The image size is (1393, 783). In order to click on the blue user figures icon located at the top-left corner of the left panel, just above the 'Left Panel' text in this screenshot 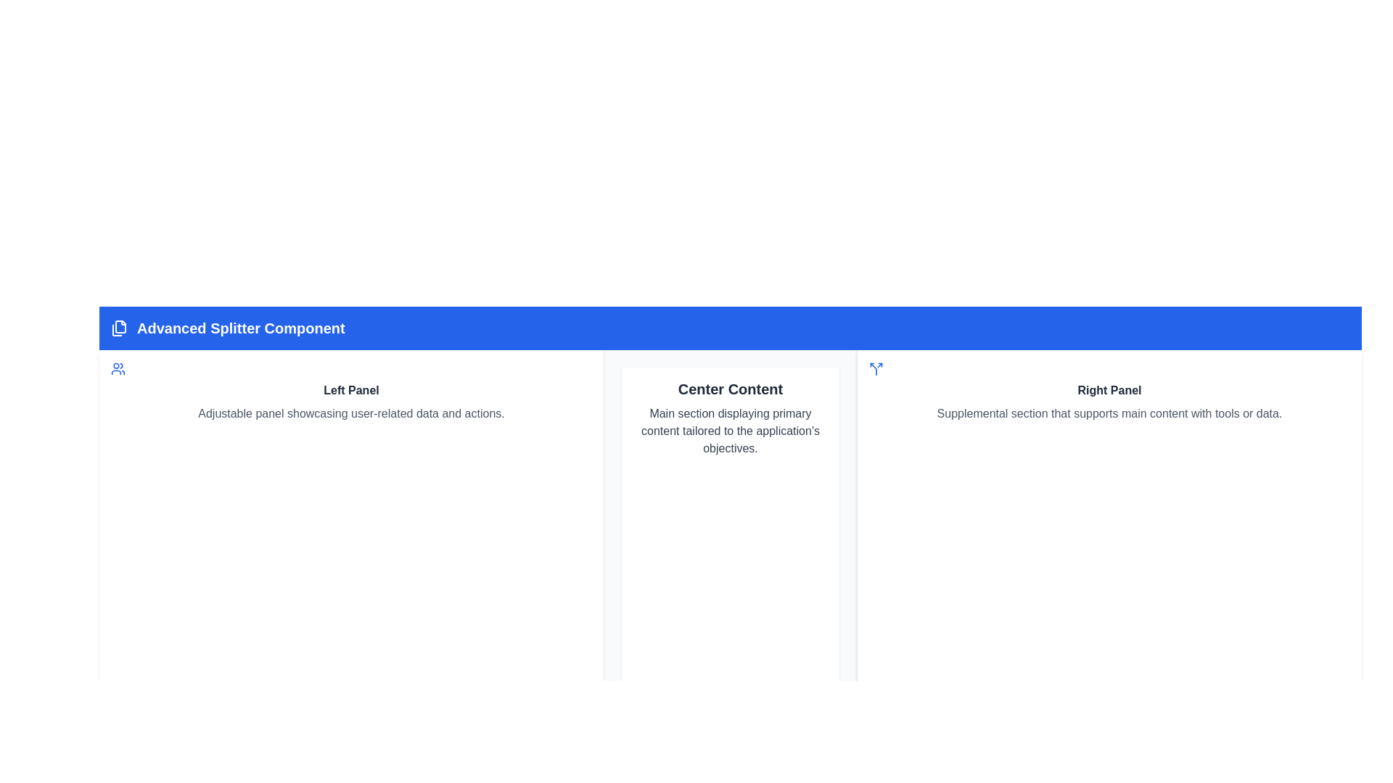, I will do `click(118, 368)`.